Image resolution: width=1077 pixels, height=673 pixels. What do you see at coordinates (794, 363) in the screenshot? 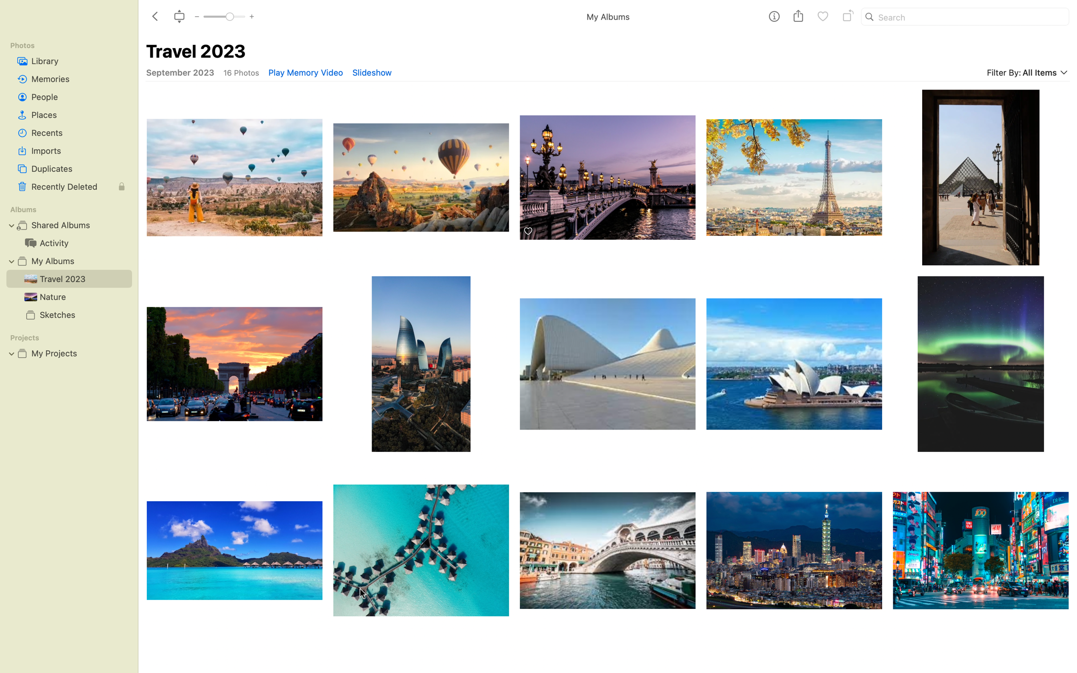
I see `Turn the image of Sydney"s Lotus Temple to another angle once` at bounding box center [794, 363].